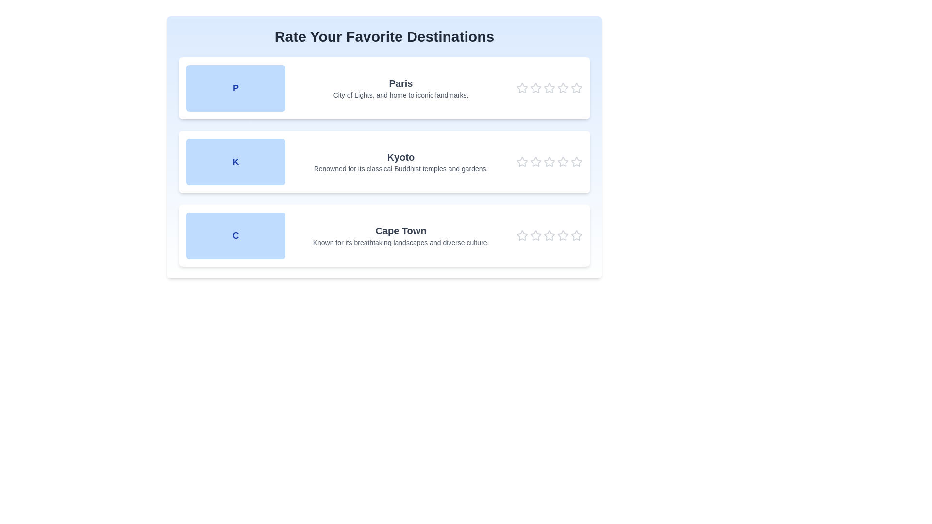 This screenshot has width=932, height=524. What do you see at coordinates (576, 235) in the screenshot?
I see `the star icon for rating at the end of the list item for 'Cape Town', which is the last star in a group of five stars` at bounding box center [576, 235].